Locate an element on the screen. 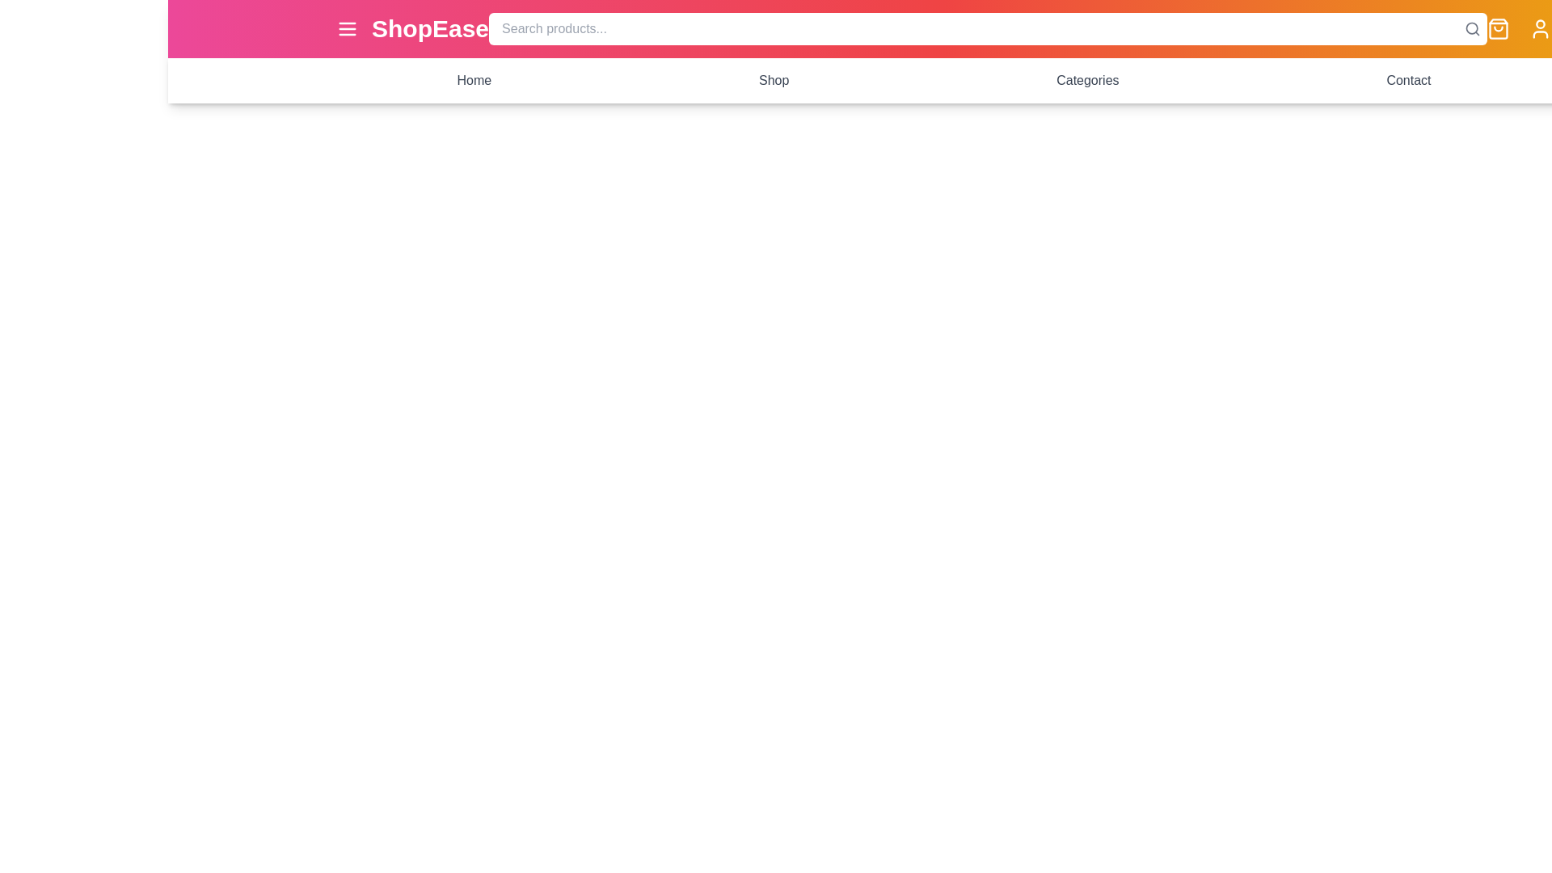 The height and width of the screenshot is (873, 1552). the profile icon to view the user profile is located at coordinates (1539, 28).